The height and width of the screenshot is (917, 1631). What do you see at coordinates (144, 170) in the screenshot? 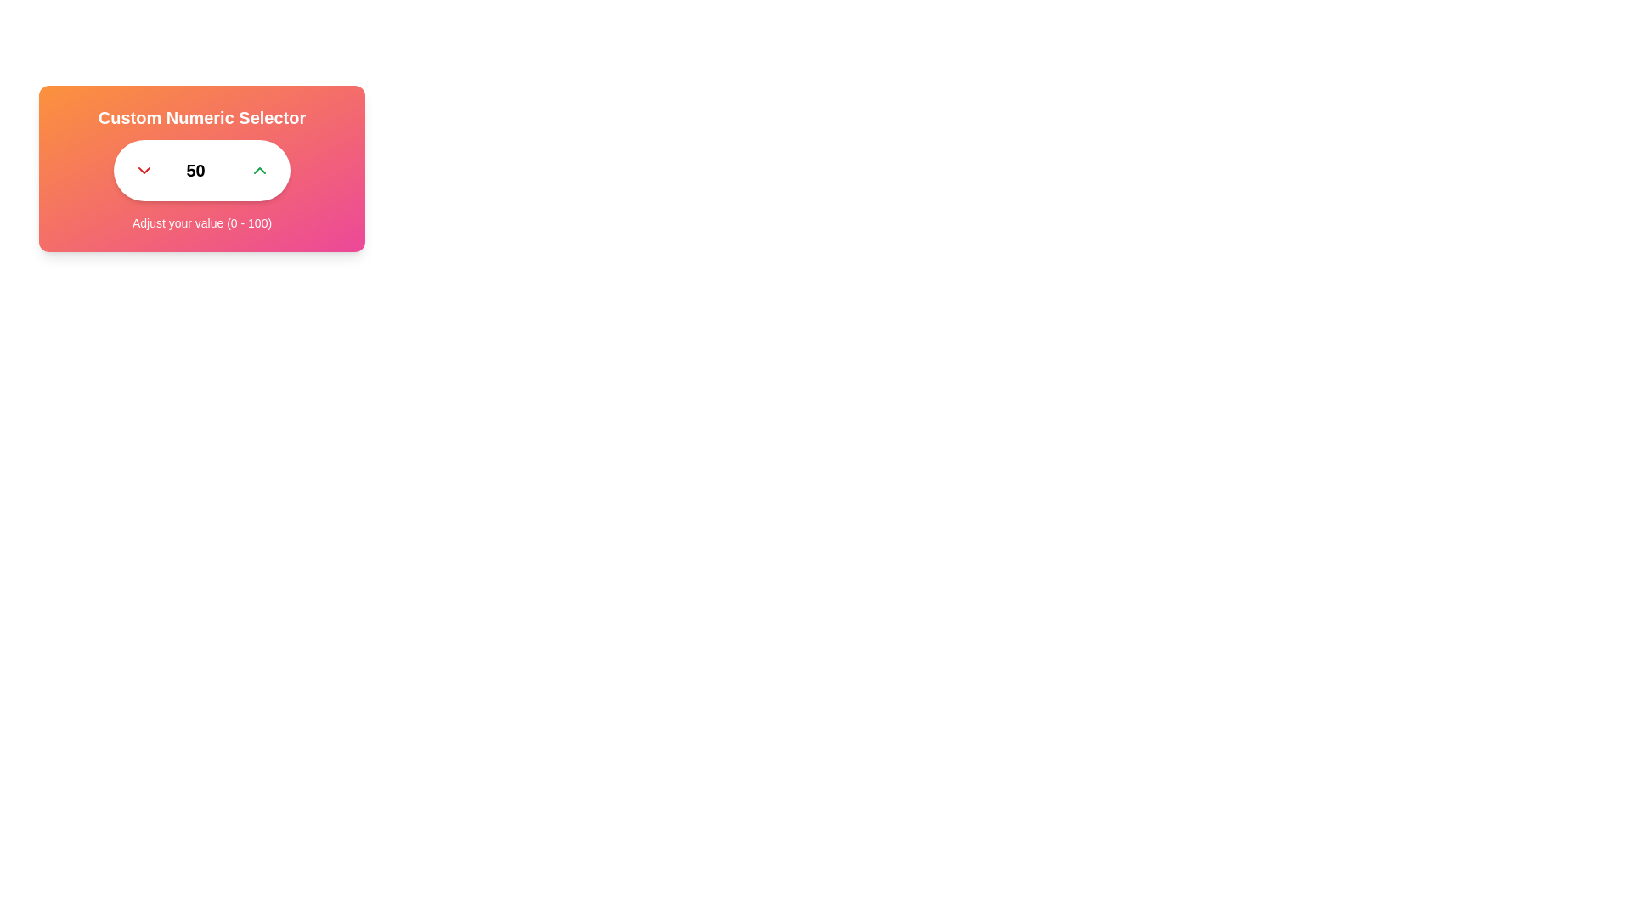
I see `the Chevron icon button located to the left of the numeric input field` at bounding box center [144, 170].